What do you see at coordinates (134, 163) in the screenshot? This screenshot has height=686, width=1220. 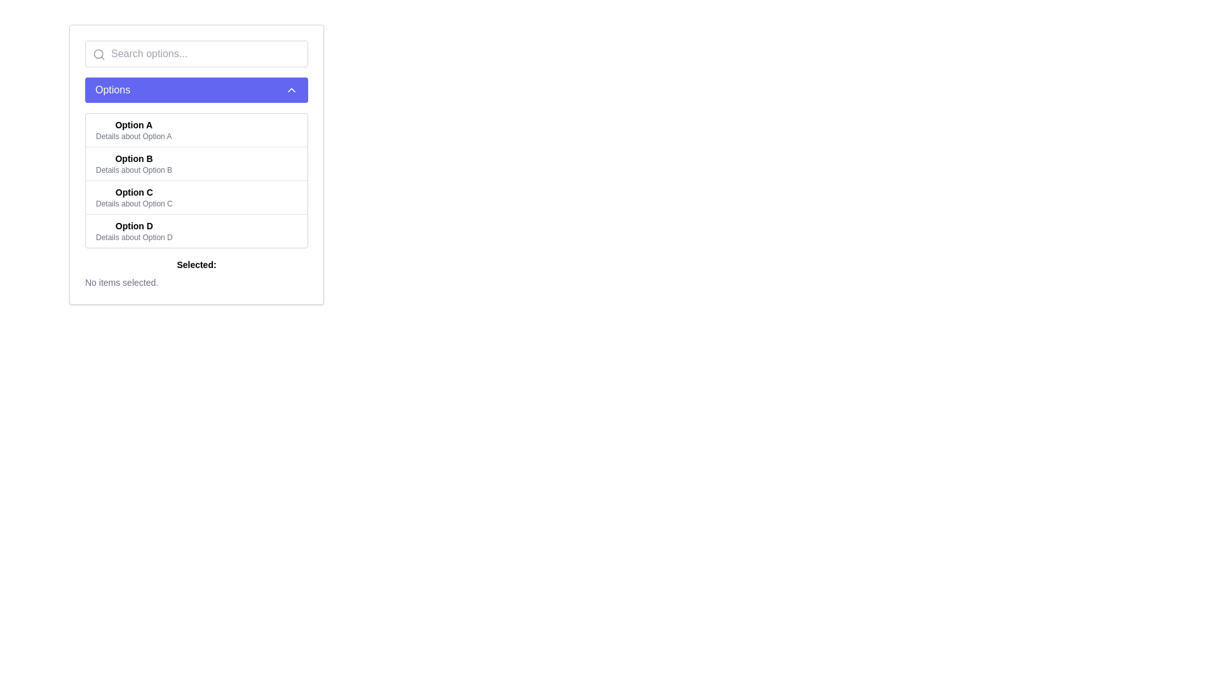 I see `the selectable menu option labeled 'Option B', which is the second item in a vertical list of four options` at bounding box center [134, 163].